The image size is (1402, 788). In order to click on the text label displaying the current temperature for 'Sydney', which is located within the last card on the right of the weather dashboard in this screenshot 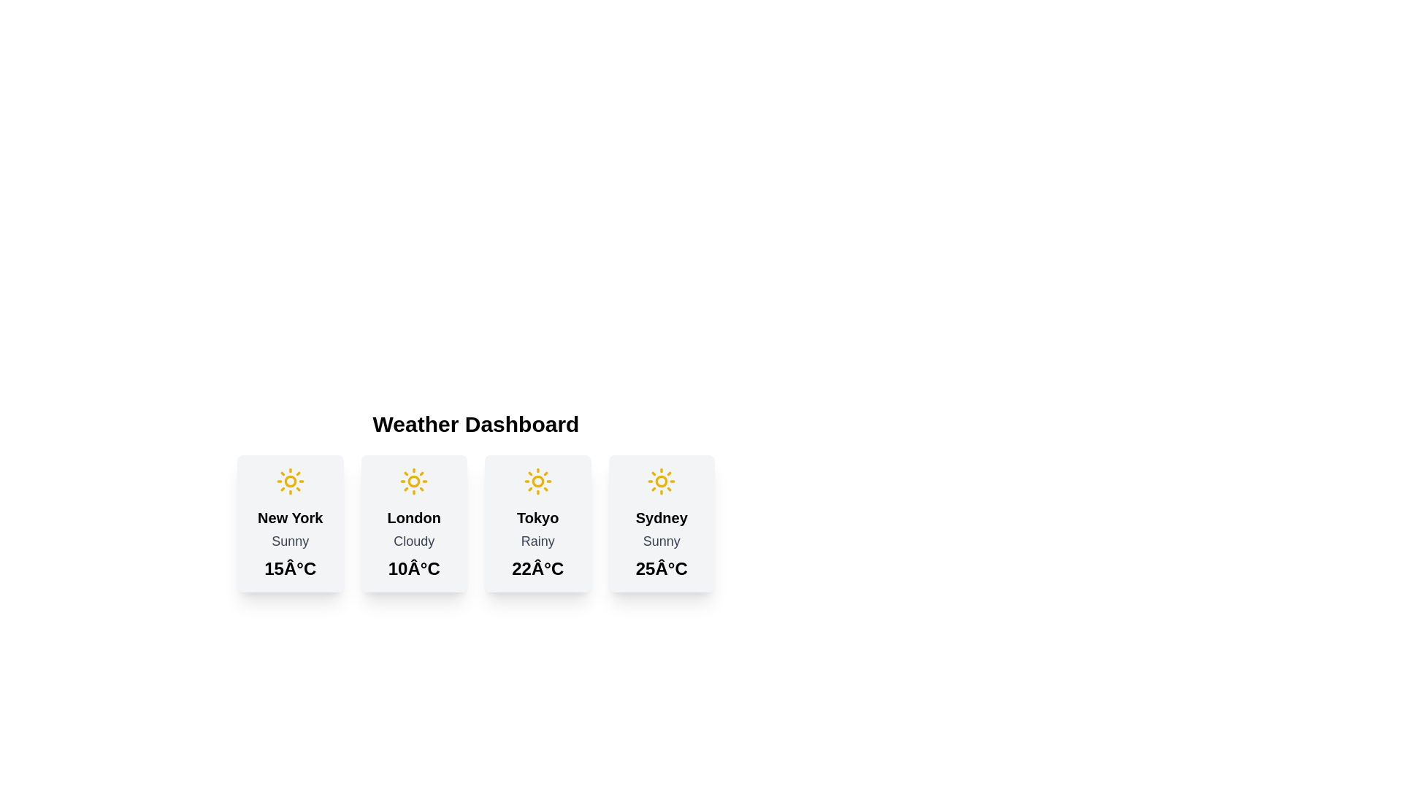, I will do `click(661, 568)`.